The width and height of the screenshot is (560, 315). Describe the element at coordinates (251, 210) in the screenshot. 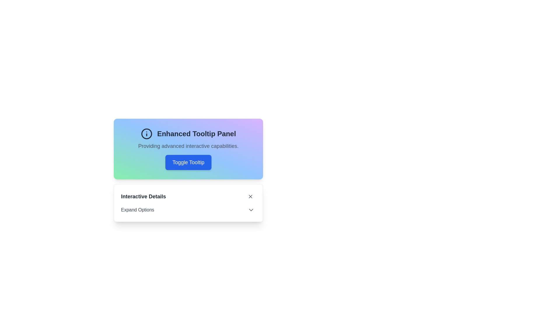

I see `the small gray downward chevron icon located in the bottom-right corner of the 'Interactive Details' section` at that location.